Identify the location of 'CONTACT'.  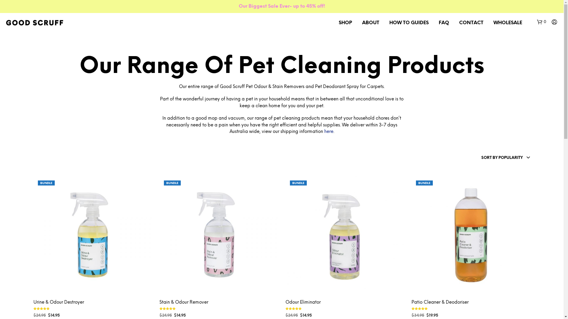
(471, 22).